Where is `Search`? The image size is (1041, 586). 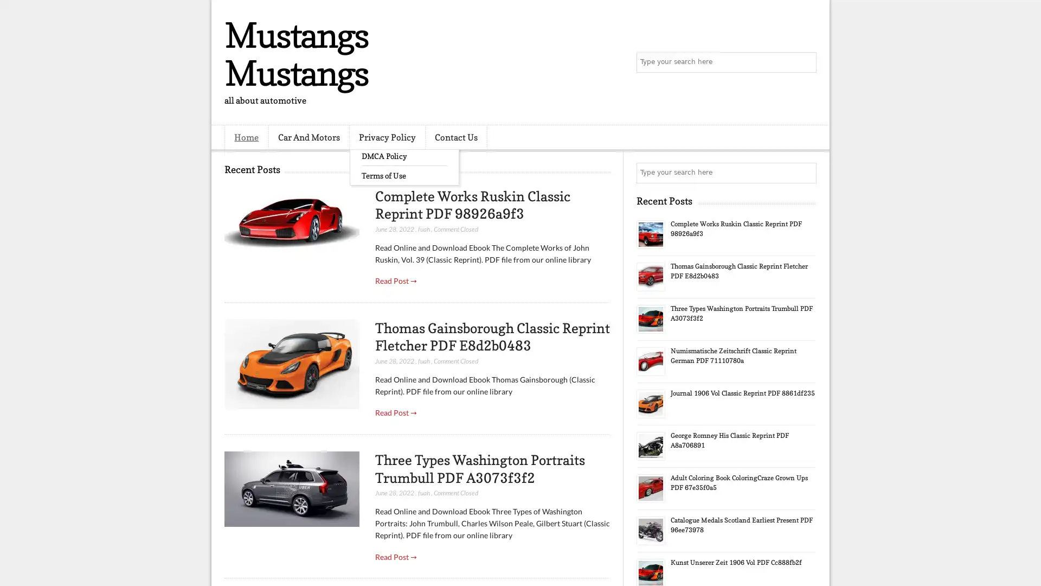 Search is located at coordinates (805, 173).